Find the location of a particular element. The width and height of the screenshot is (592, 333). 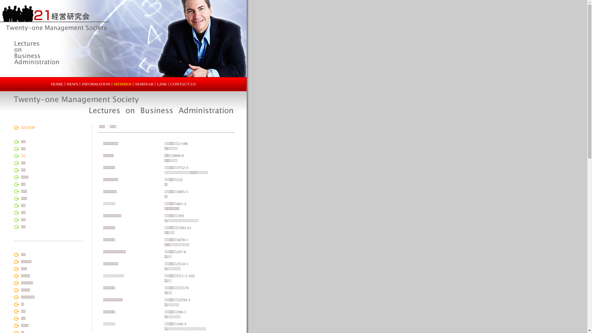

'HOME' is located at coordinates (57, 84).